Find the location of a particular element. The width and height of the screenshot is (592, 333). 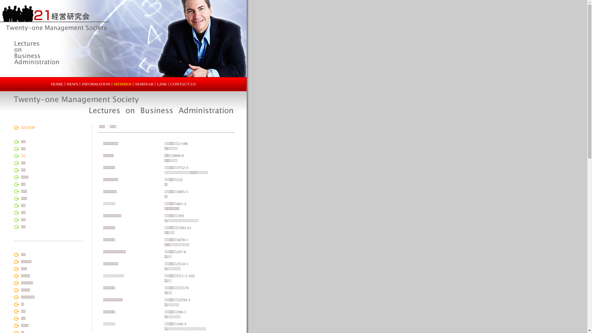

'HOME' is located at coordinates (57, 84).